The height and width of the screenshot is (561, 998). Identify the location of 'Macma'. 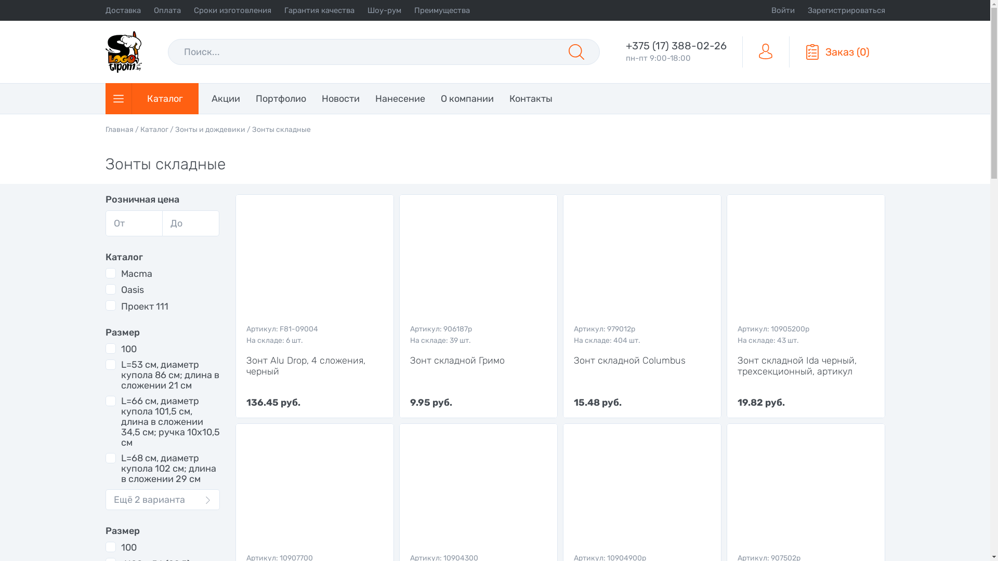
(127, 273).